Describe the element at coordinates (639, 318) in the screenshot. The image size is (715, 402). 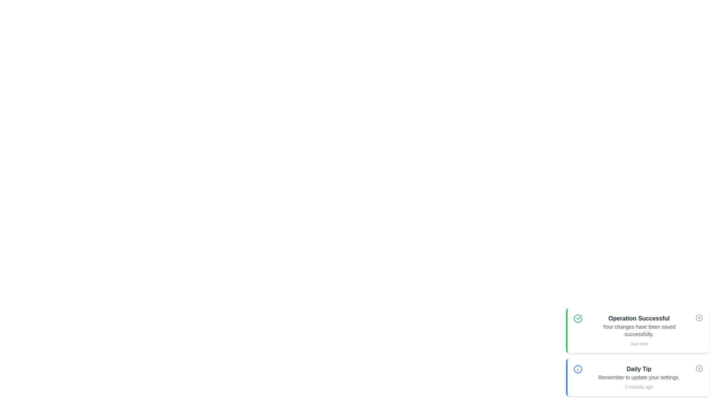
I see `the text label that indicates successful completion of an operation, located in the bottom-right corner of the interface` at that location.